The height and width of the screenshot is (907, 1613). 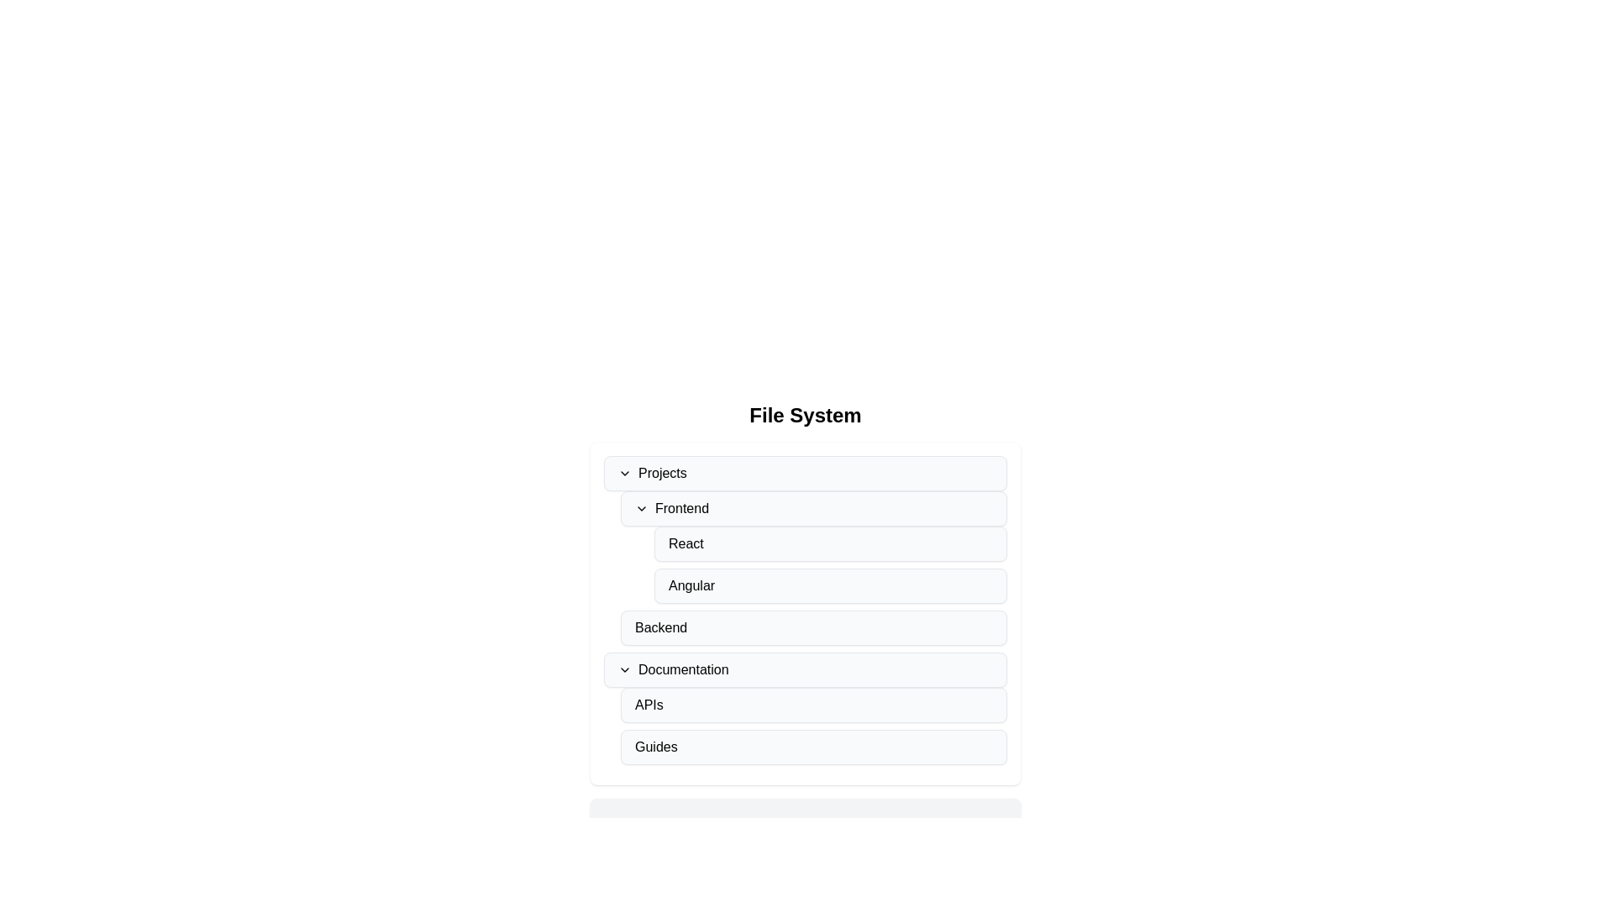 I want to click on the selectable item in the navigational list under the 'Frontend' section, so click(x=830, y=544).